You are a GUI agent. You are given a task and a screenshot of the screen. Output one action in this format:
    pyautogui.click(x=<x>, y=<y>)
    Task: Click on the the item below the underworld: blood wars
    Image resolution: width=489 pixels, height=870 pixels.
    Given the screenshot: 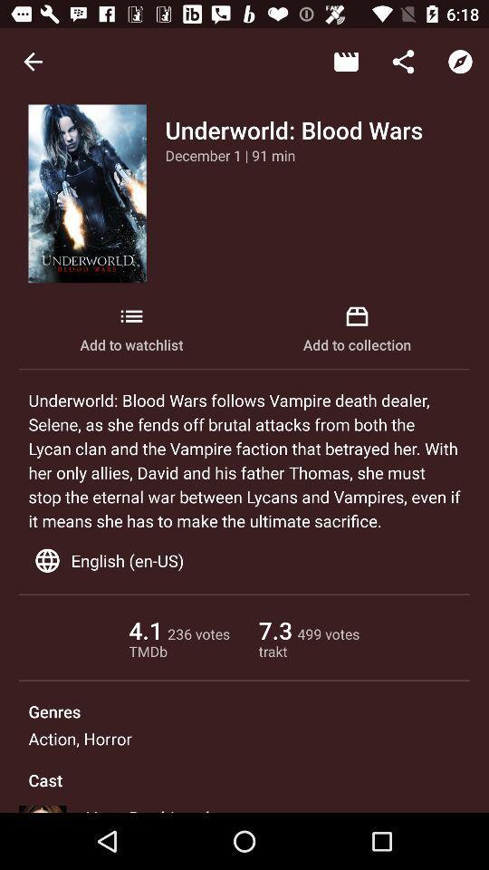 What is the action you would take?
    pyautogui.click(x=230, y=154)
    